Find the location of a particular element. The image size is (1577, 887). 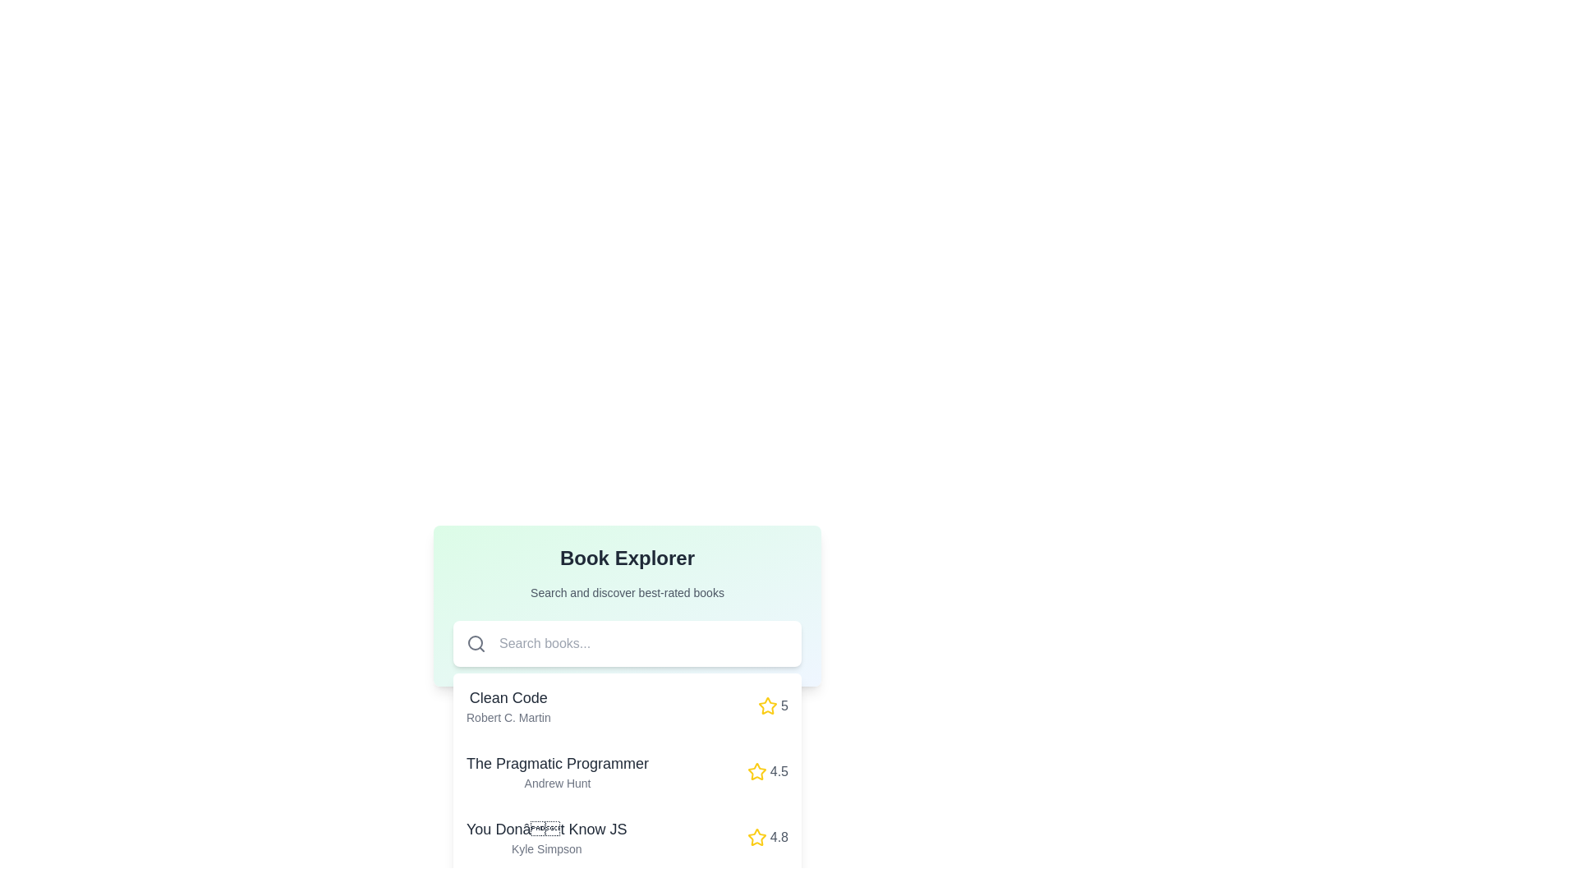

the third yellow star-shaped Rating Icon located to the right of the text 'You Don't Know JS' is located at coordinates (756, 837).